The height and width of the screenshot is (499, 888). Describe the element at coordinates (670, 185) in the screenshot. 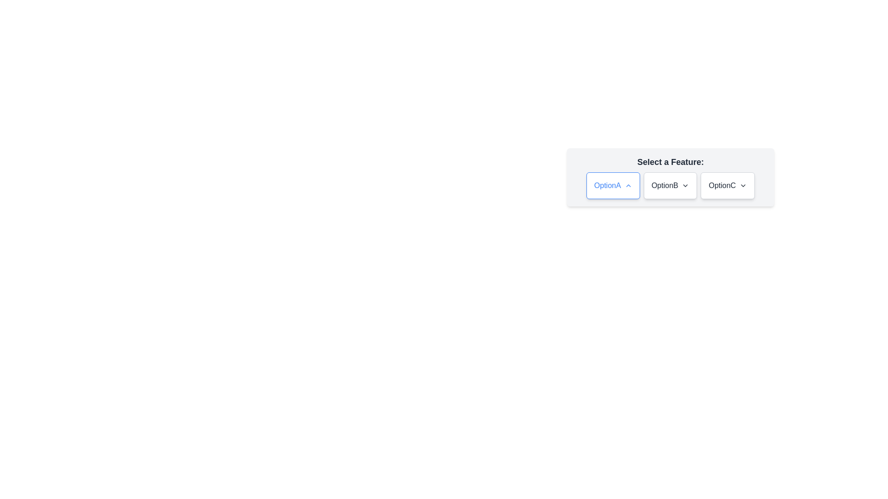

I see `the dropdown selection button, which is the second button in a group of three, to observe any tooltip or visual feedback` at that location.